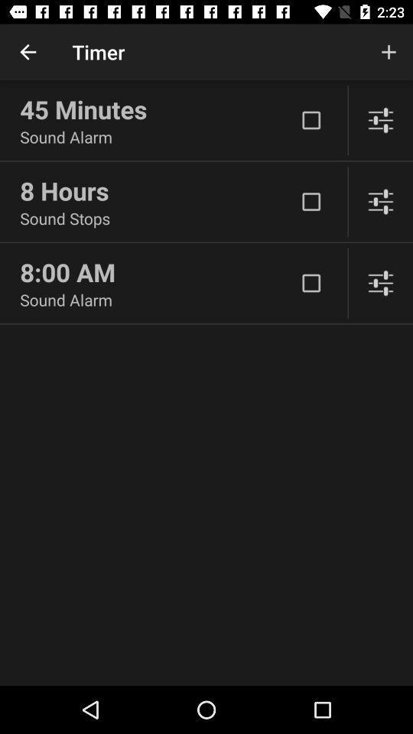 This screenshot has height=734, width=413. What do you see at coordinates (379, 282) in the screenshot?
I see `alarm setting` at bounding box center [379, 282].